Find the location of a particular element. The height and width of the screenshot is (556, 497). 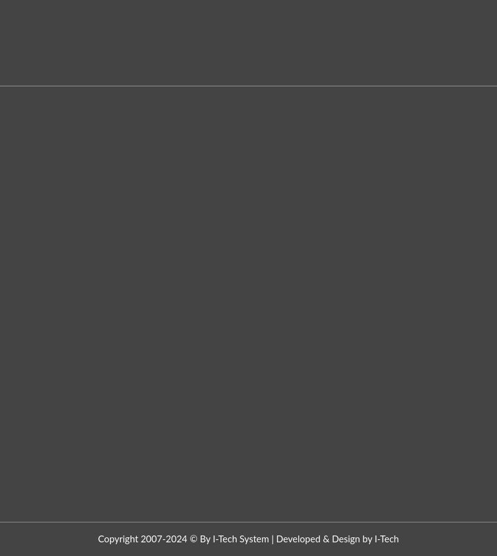

'|' is located at coordinates (269, 538).